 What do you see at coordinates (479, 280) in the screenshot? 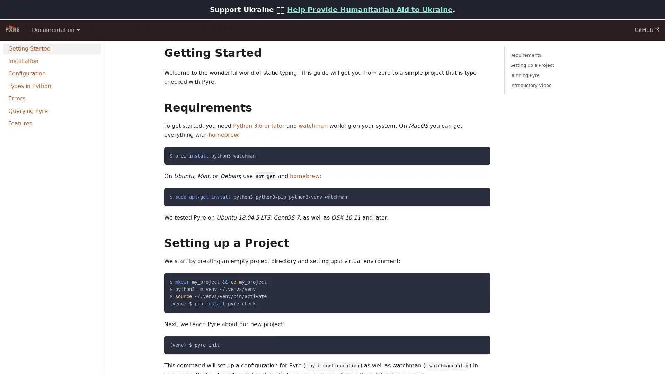
I see `Copy code to clipboard` at bounding box center [479, 280].